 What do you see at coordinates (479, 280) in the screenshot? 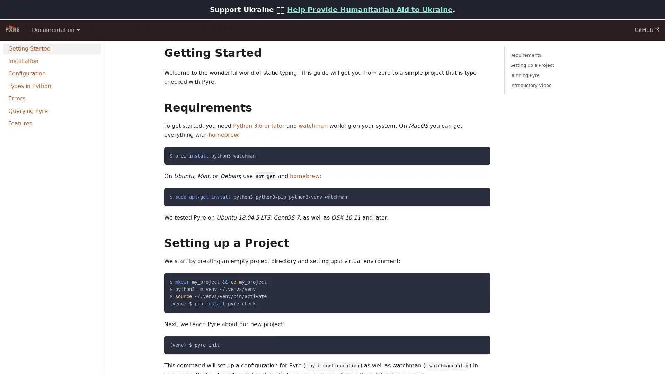
I see `Copy code to clipboard` at bounding box center [479, 280].